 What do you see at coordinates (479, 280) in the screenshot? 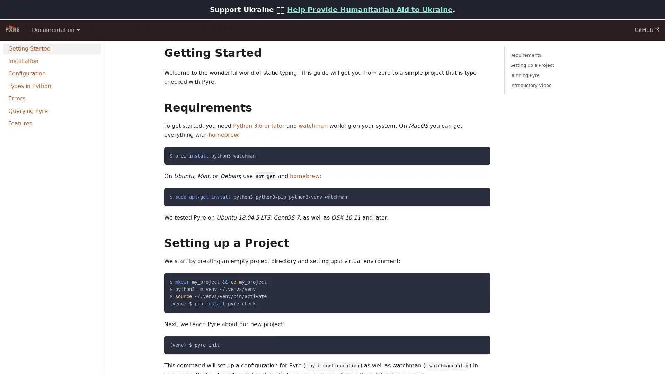
I see `Copy code to clipboard` at bounding box center [479, 280].